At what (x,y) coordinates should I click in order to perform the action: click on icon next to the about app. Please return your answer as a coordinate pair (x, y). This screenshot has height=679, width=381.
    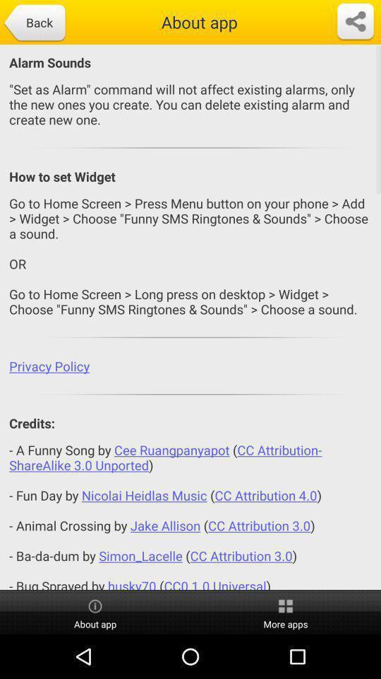
    Looking at the image, I should click on (34, 23).